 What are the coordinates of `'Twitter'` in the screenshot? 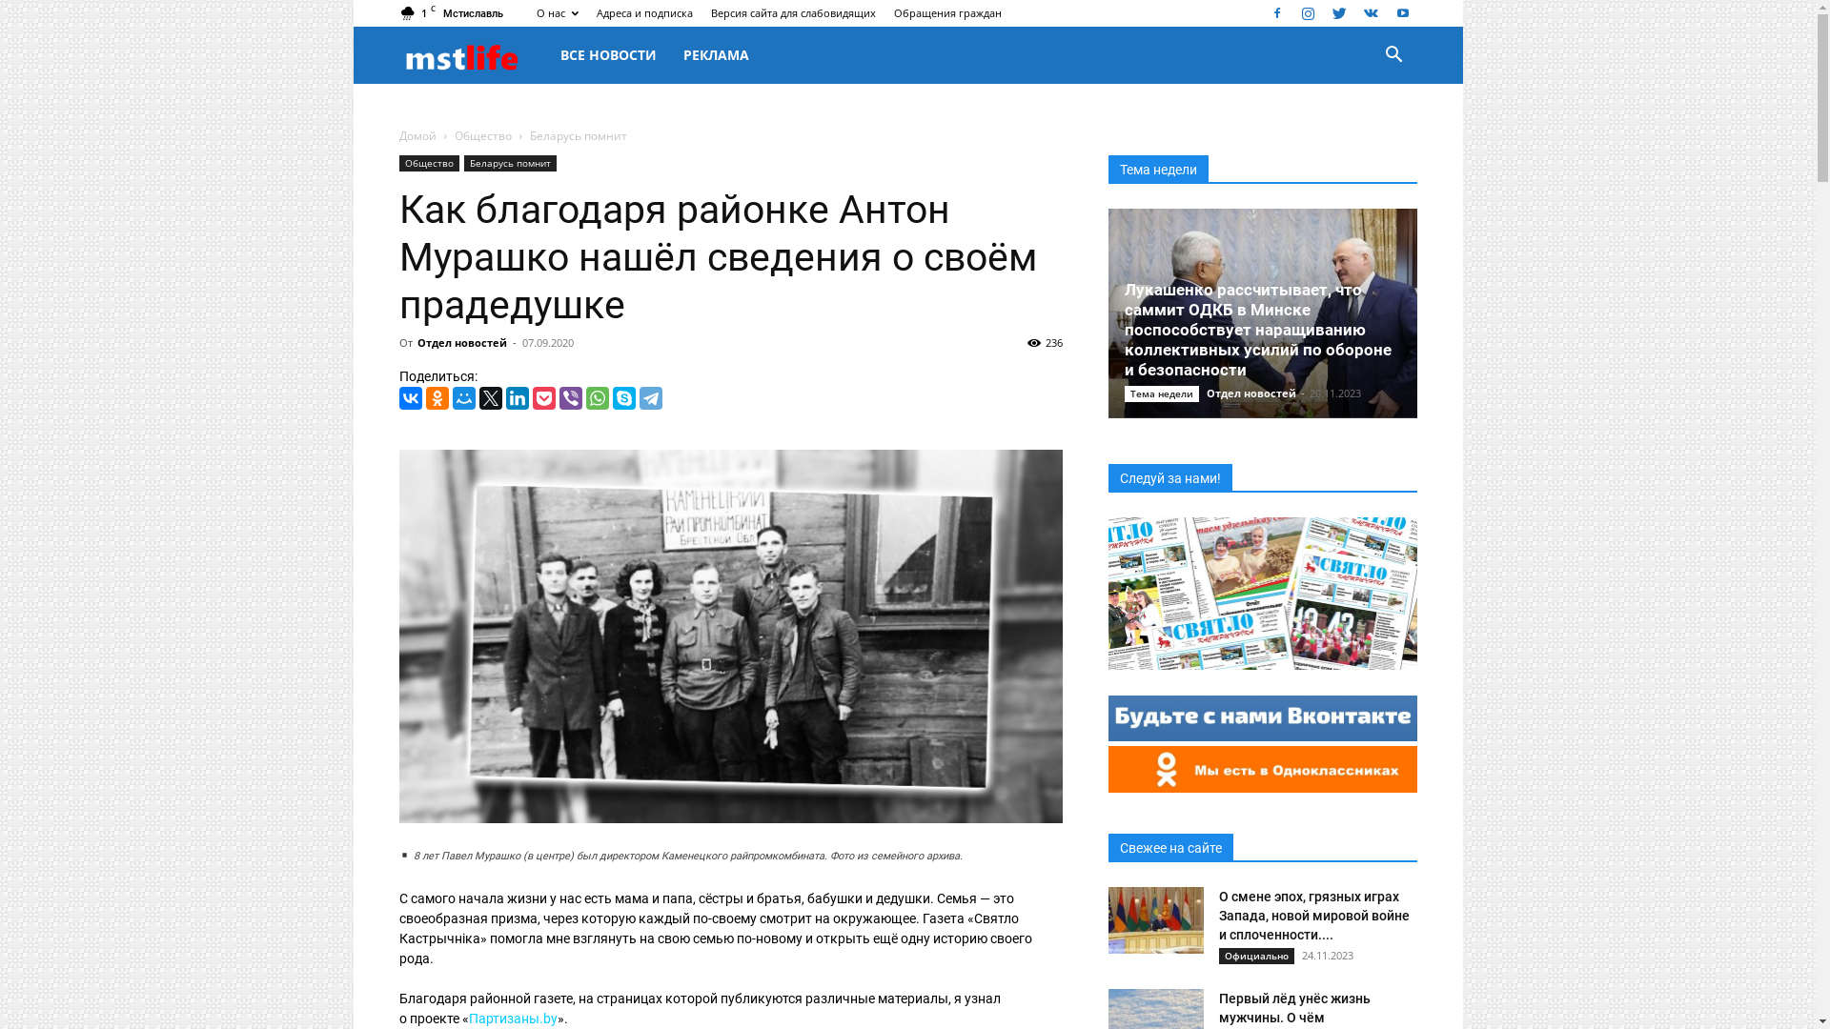 It's located at (478, 396).